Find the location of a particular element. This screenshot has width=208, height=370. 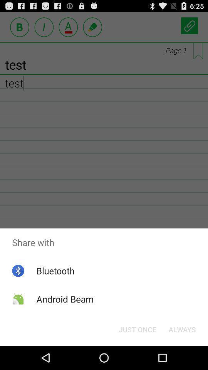

bluetooth icon is located at coordinates (55, 271).